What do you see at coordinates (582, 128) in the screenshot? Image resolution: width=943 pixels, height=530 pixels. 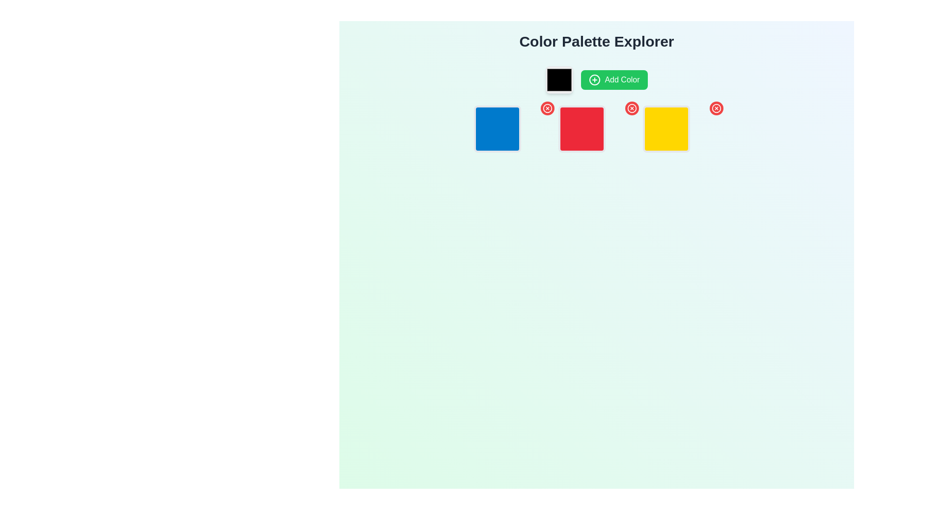 I see `the visual indicator color swatch located between a blue square and a yellow square in the color palette selection interface` at bounding box center [582, 128].